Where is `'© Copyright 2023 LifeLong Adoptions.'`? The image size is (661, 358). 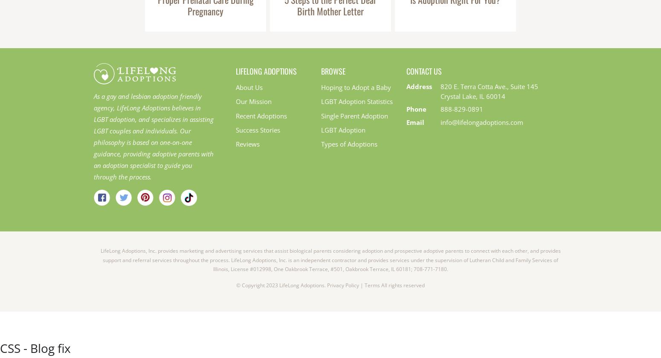
'© Copyright 2023 LifeLong Adoptions.' is located at coordinates (236, 285).